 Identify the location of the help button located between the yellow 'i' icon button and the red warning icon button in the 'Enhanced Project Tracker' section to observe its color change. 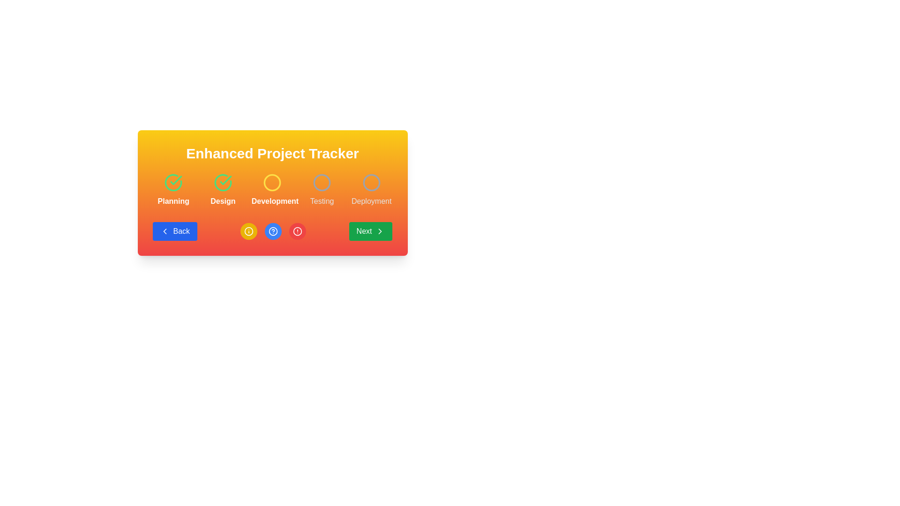
(272, 231).